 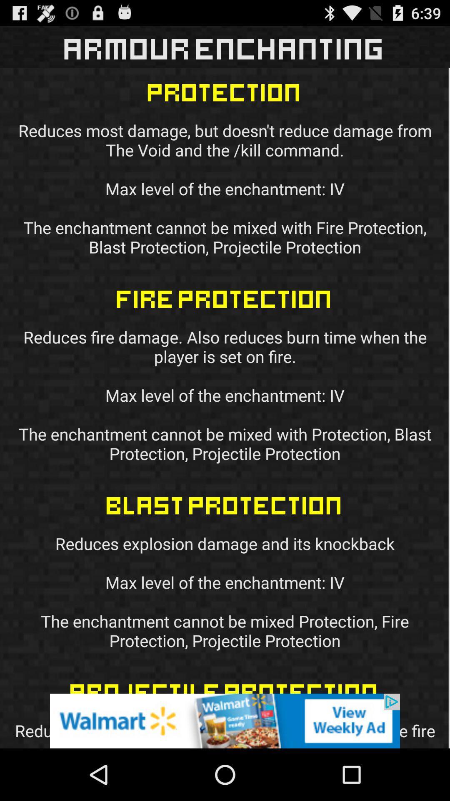 I want to click on walmart, so click(x=225, y=720).